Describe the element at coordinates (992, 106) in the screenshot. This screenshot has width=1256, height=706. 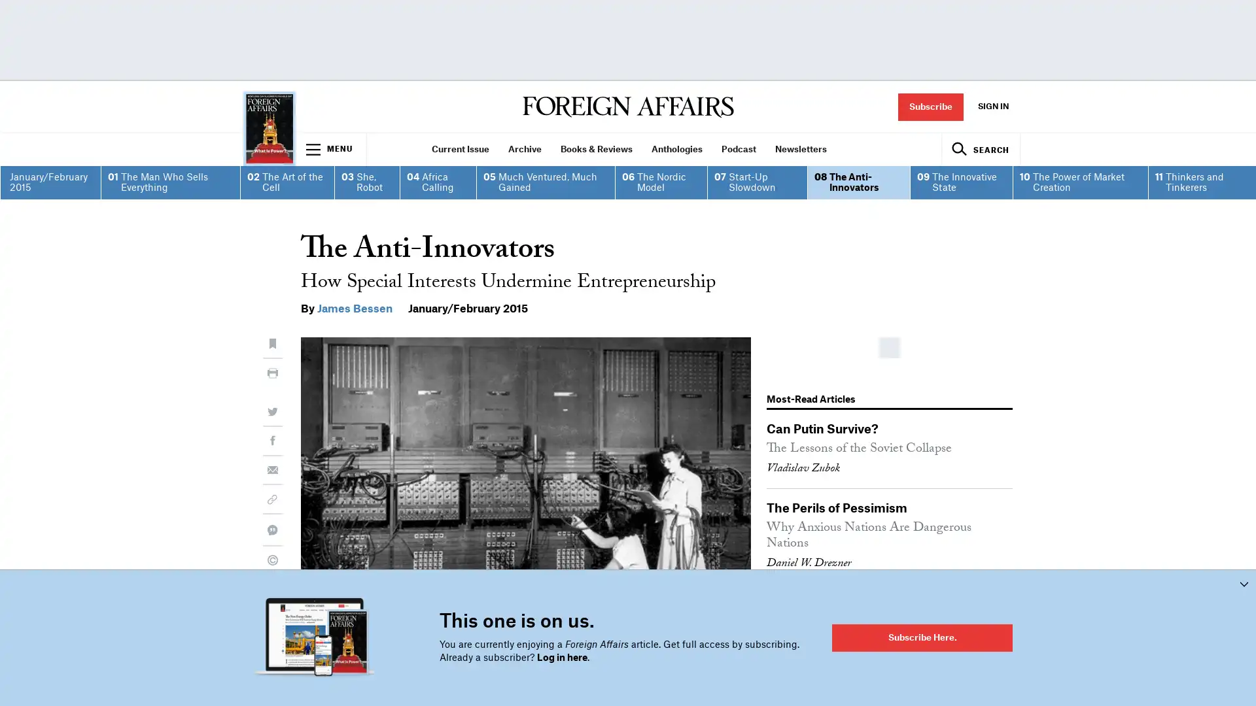
I see `SIGN IN` at that location.